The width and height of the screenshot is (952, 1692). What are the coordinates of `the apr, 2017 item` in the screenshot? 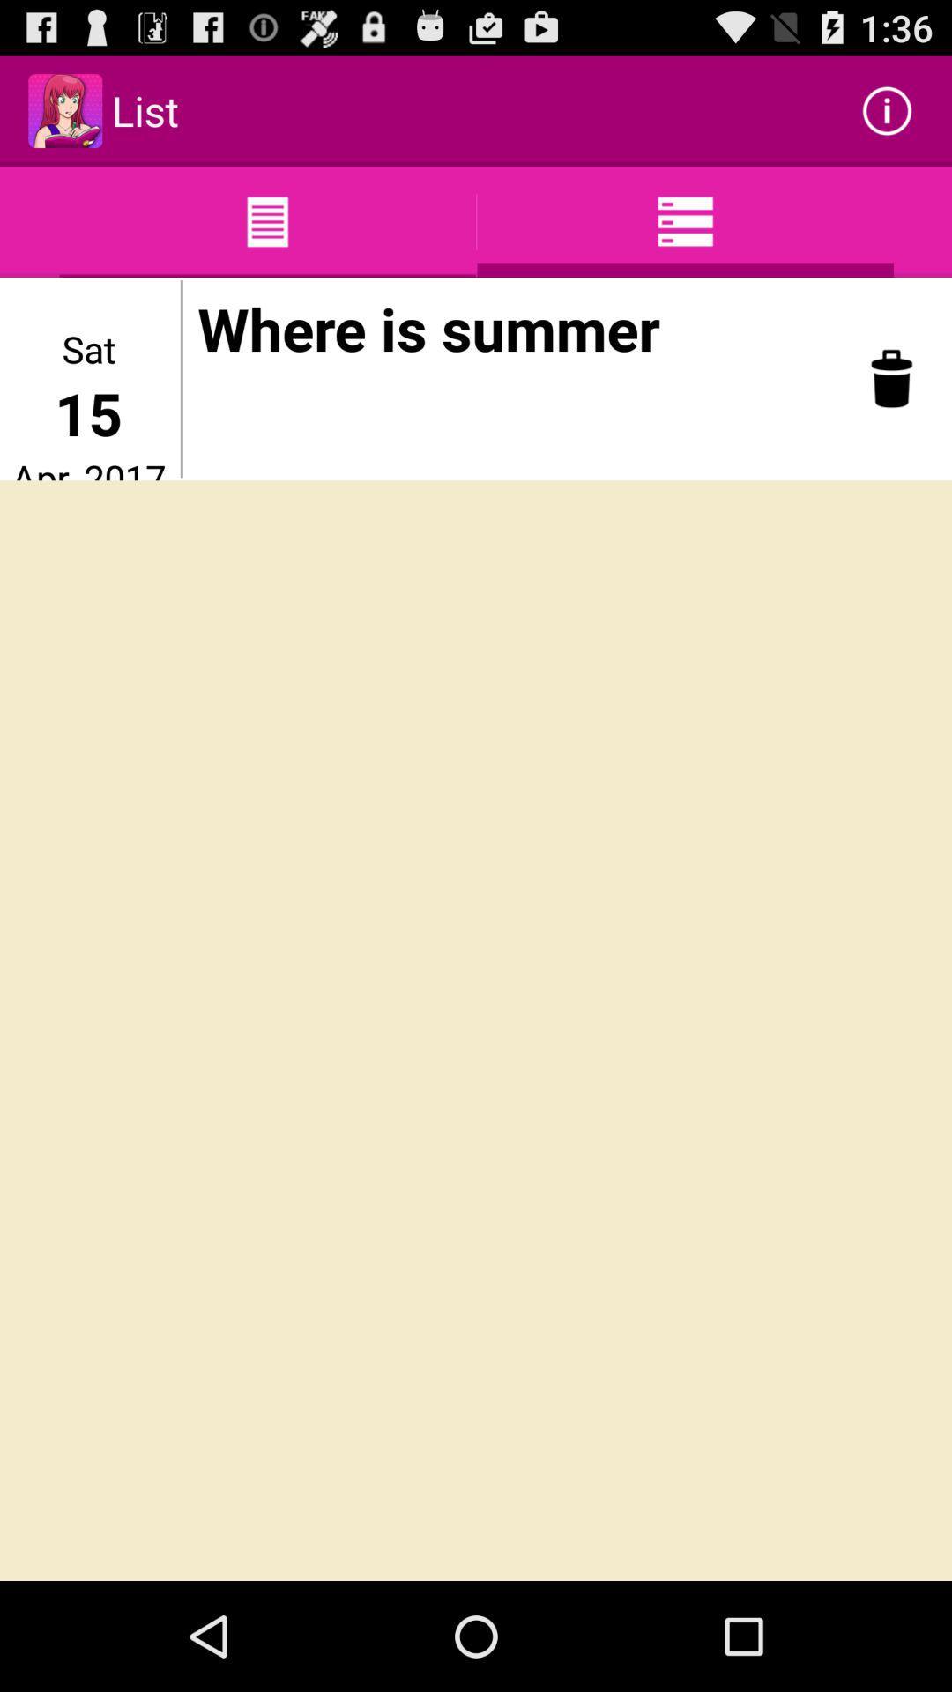 It's located at (88, 466).